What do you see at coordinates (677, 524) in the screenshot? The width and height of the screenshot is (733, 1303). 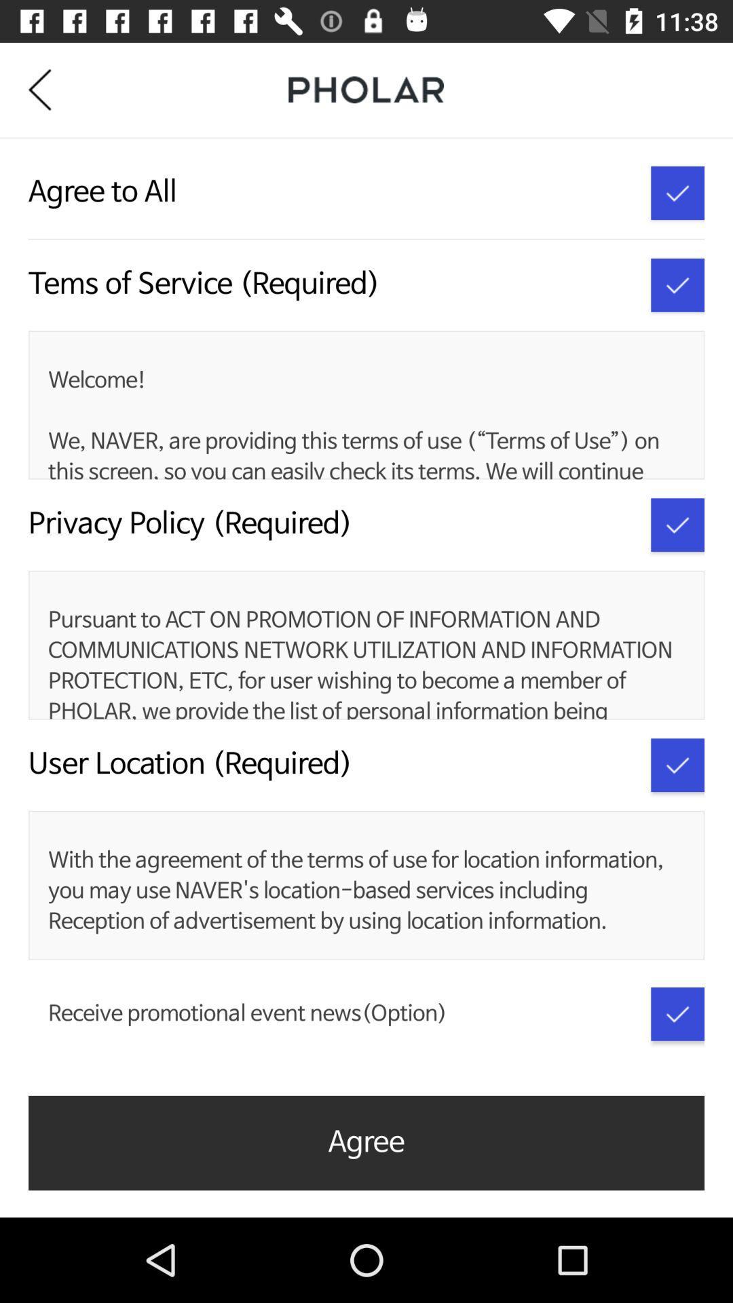 I see `the box` at bounding box center [677, 524].